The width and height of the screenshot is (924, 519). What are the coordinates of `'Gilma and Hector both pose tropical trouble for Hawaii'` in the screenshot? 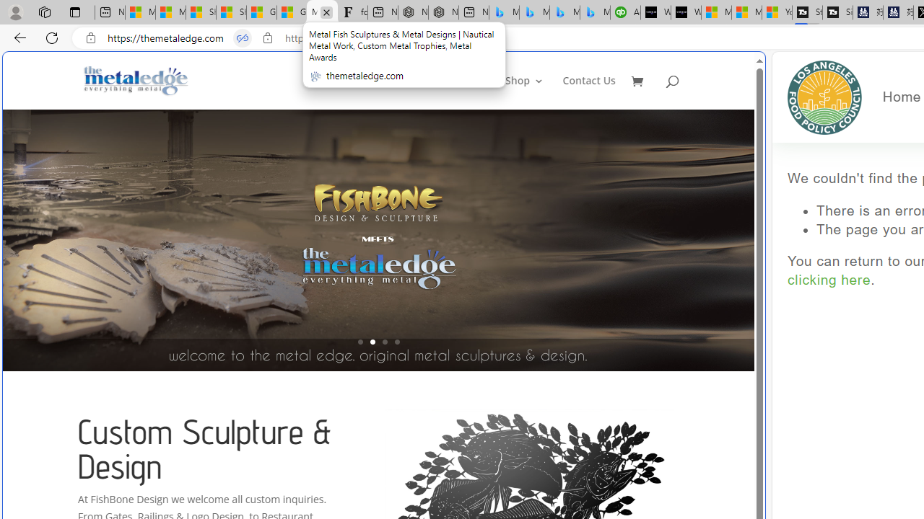 It's located at (291, 12).